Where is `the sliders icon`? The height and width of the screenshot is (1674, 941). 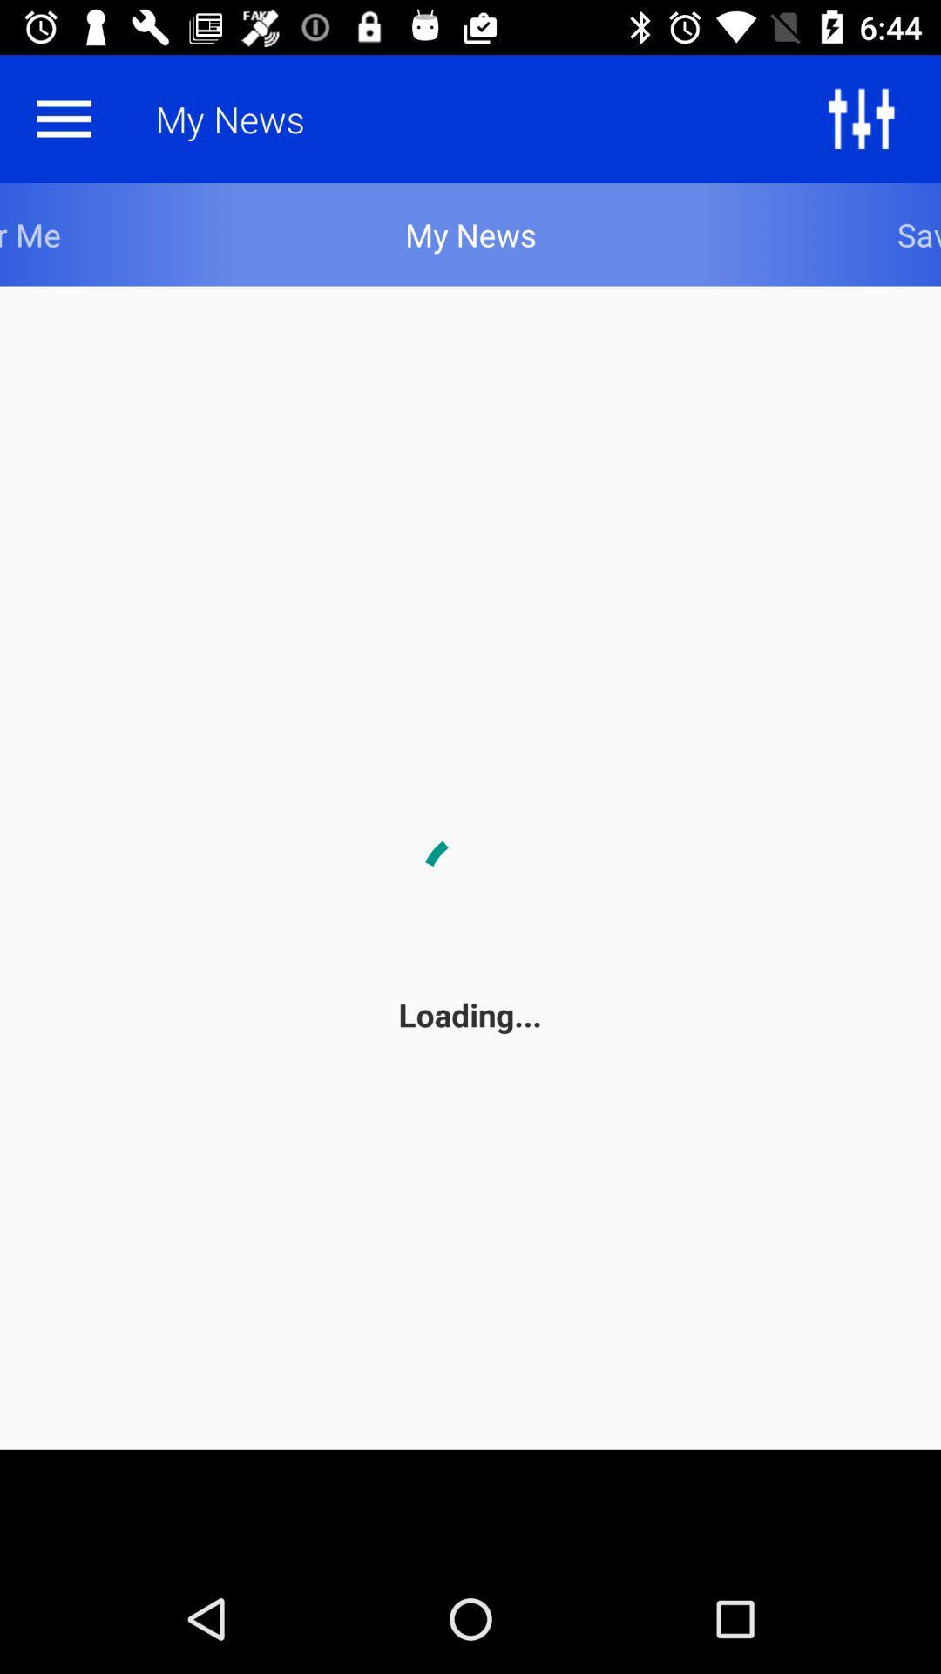 the sliders icon is located at coordinates (875, 118).